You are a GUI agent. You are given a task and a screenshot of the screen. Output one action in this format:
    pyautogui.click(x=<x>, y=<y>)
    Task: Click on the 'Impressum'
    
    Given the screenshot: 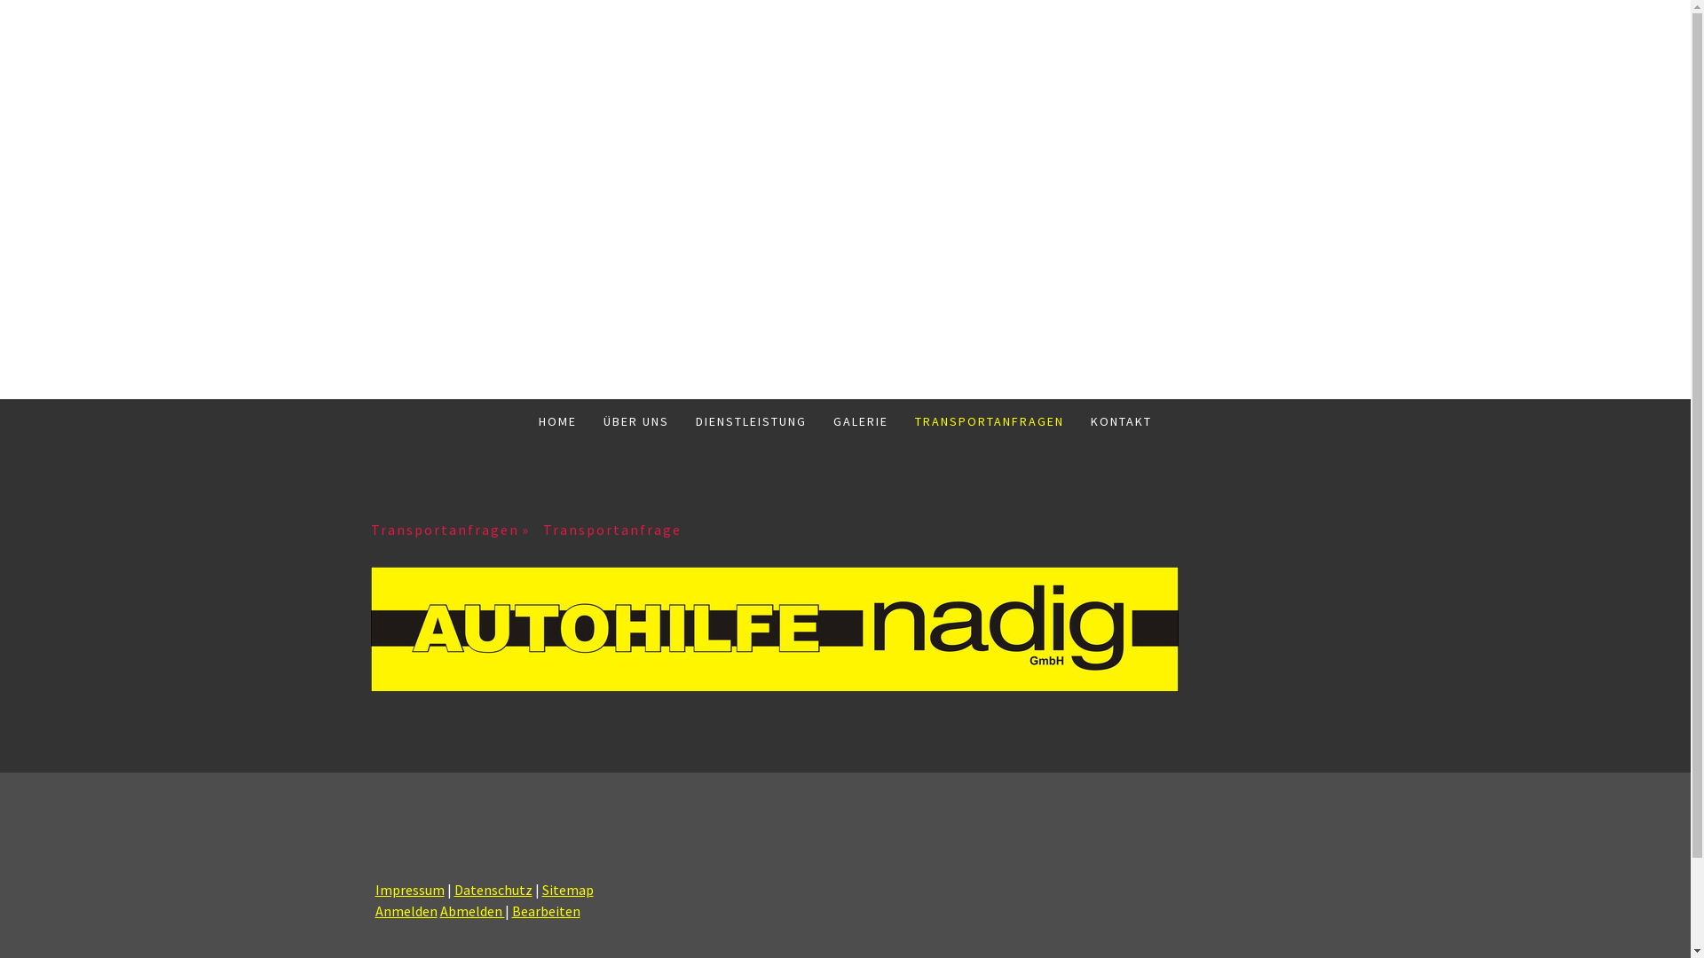 What is the action you would take?
    pyautogui.click(x=374, y=889)
    